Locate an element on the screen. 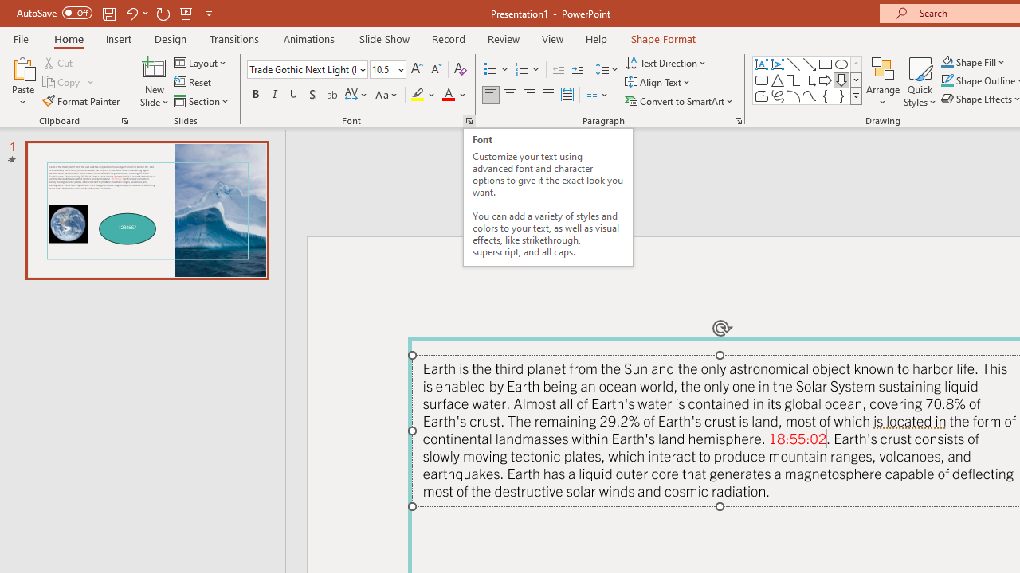  'Font Size' is located at coordinates (382, 68).